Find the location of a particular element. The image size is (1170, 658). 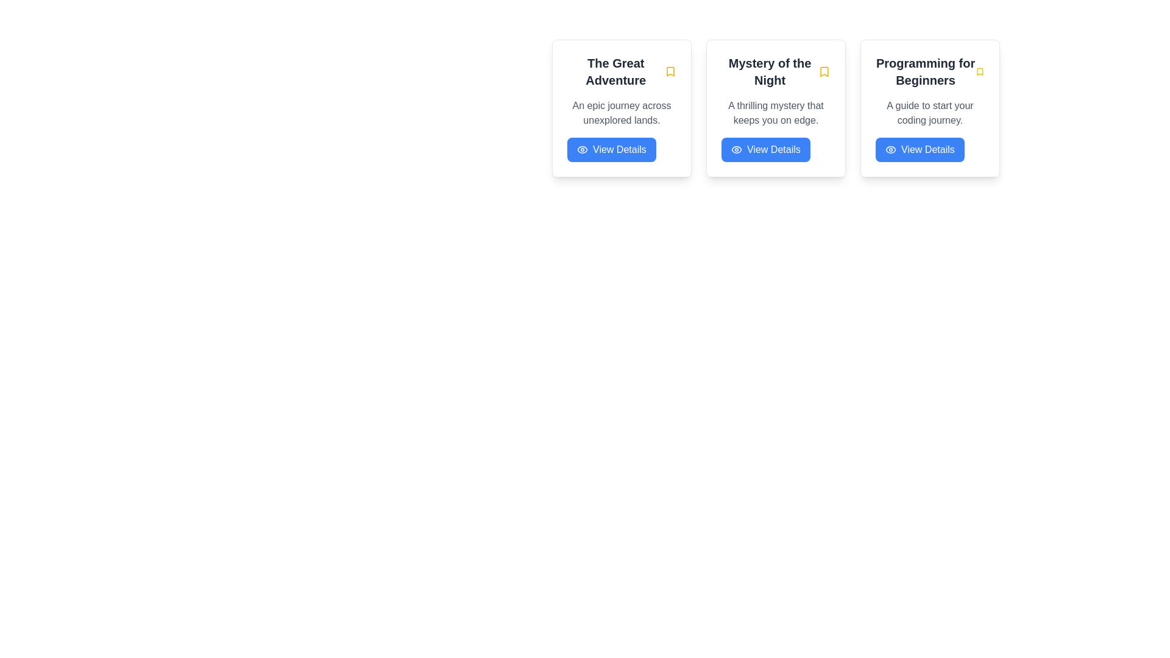

title 'The Great Adventure' and description 'An epic journey across unexplored lands.' from the first card component in the grid layout is located at coordinates (622, 107).